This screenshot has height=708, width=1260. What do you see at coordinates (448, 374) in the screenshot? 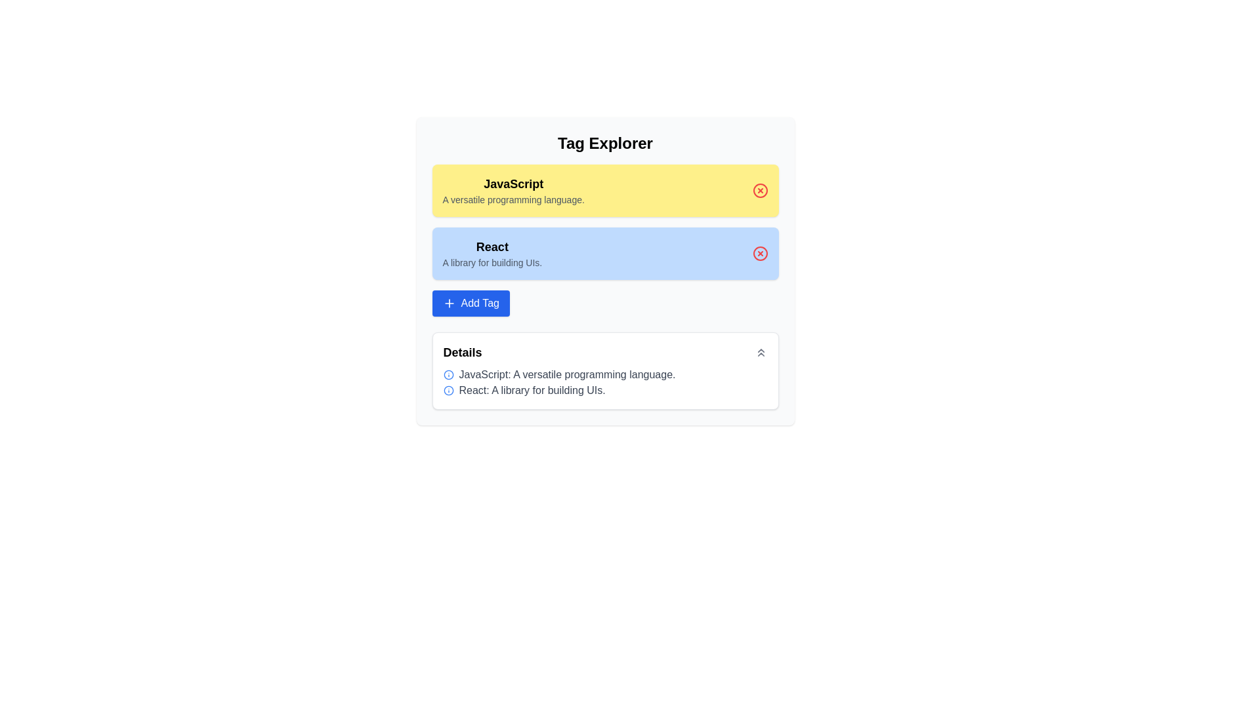
I see `the icon located on the left side of the panel labeled 'JavaScript: A versatile programming language.' which signifies additional information or help` at bounding box center [448, 374].